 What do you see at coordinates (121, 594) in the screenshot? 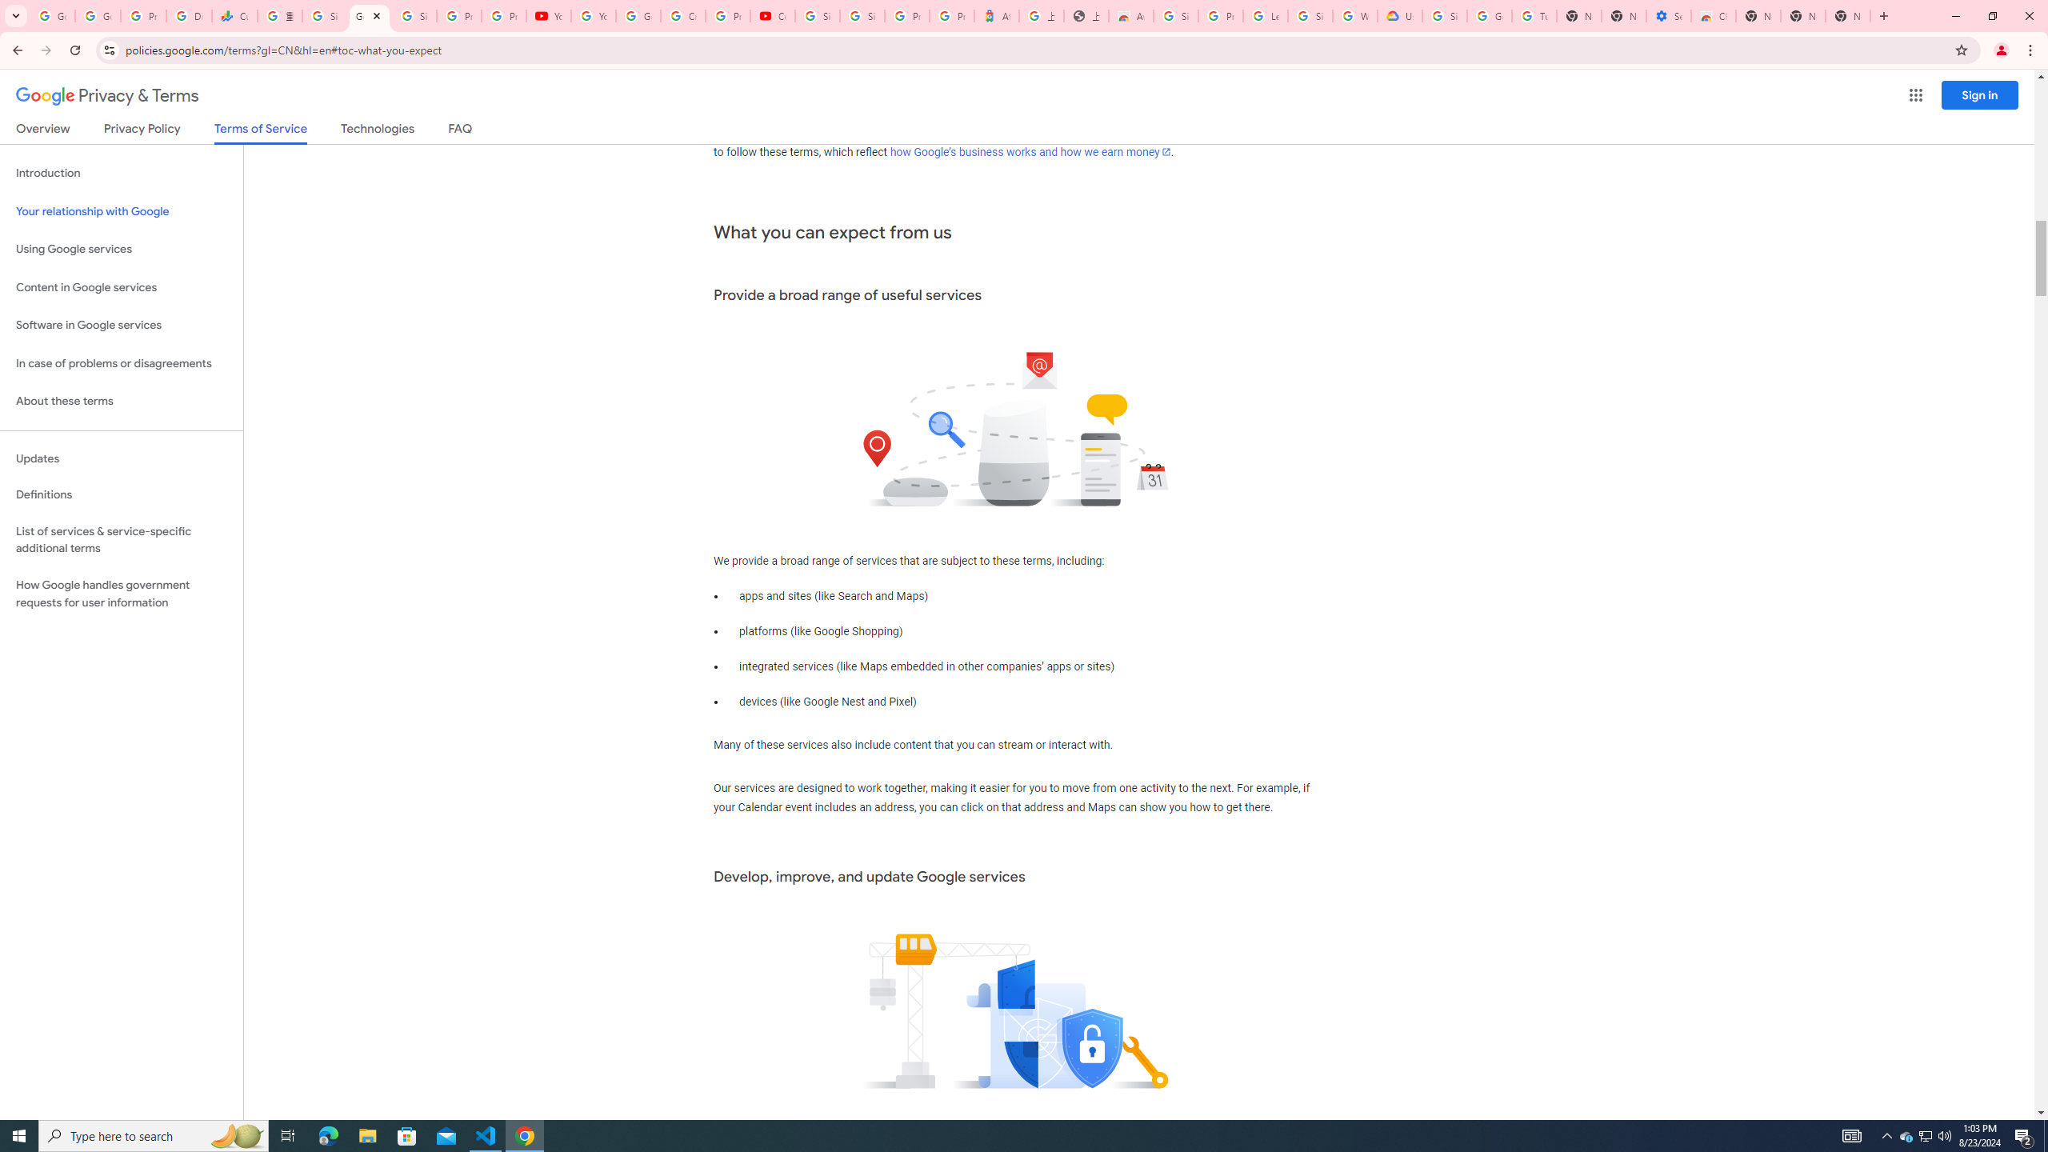
I see `'How Google handles government requests for user information'` at bounding box center [121, 594].